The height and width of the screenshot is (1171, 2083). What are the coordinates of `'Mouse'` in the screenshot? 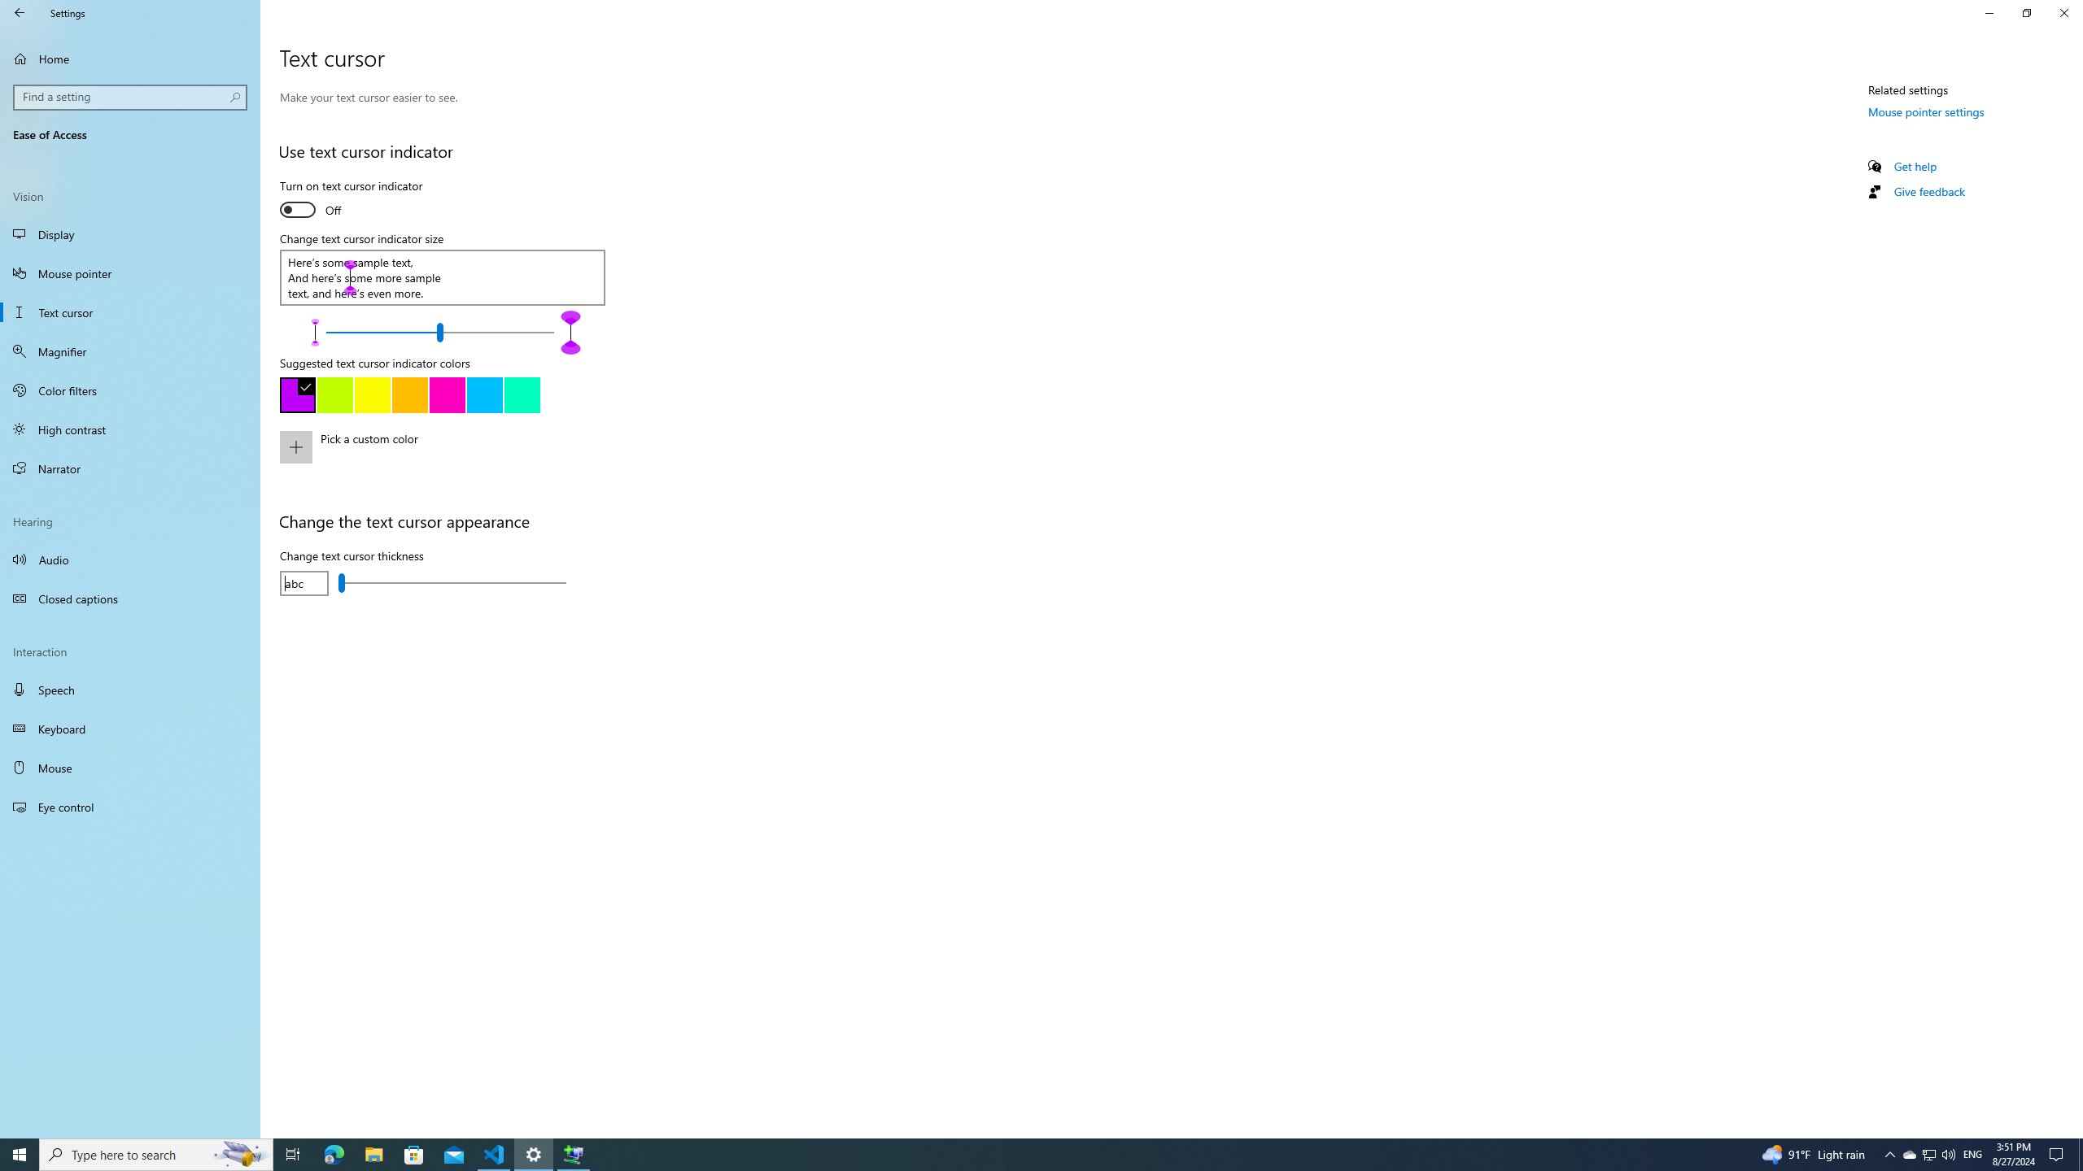 It's located at (129, 766).